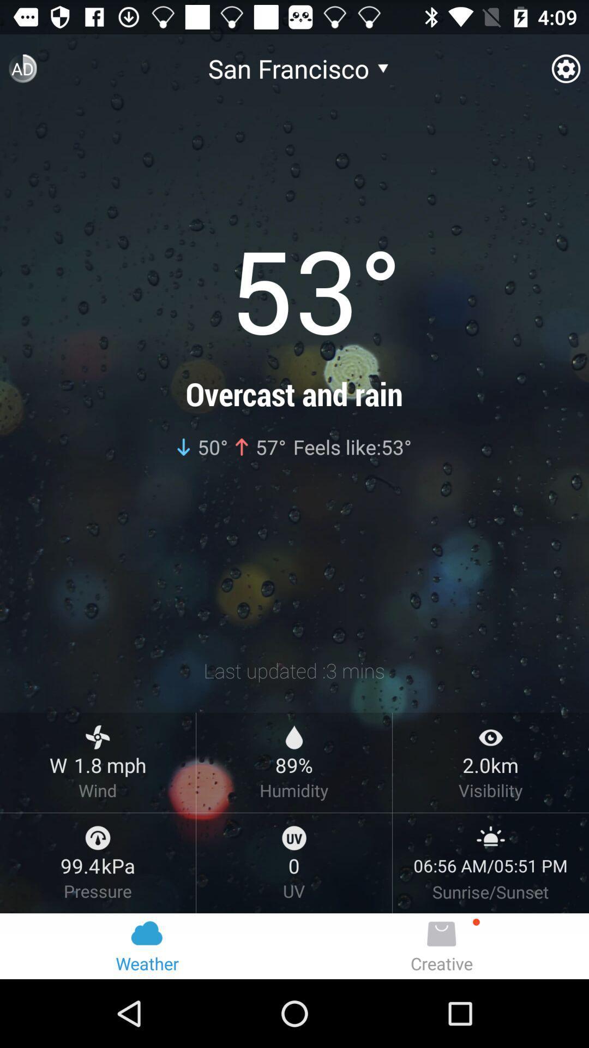 The width and height of the screenshot is (589, 1048). What do you see at coordinates (565, 73) in the screenshot?
I see `the settings icon` at bounding box center [565, 73].